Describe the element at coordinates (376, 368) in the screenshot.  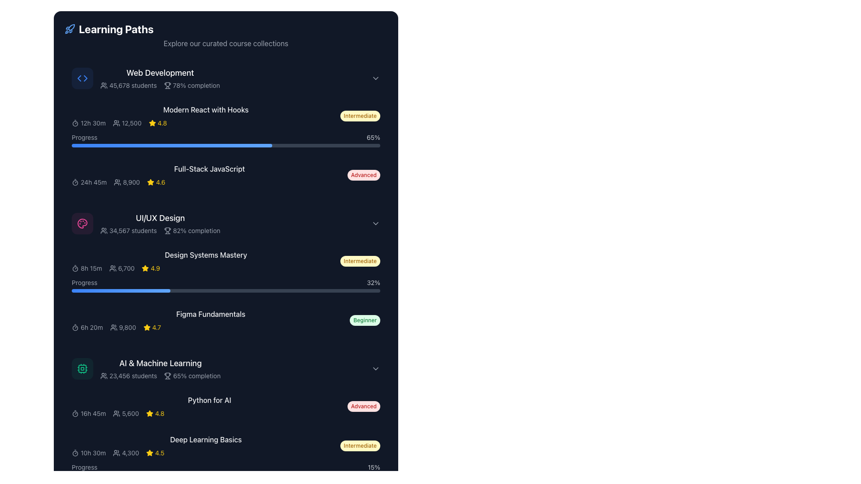
I see `the small right-facing chevron icon located at the bottom-right corner of the 'AI & Machine Learning' module` at that location.